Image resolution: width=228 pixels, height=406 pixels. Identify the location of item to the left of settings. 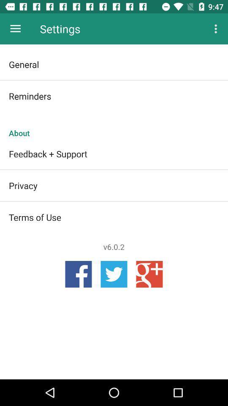
(15, 29).